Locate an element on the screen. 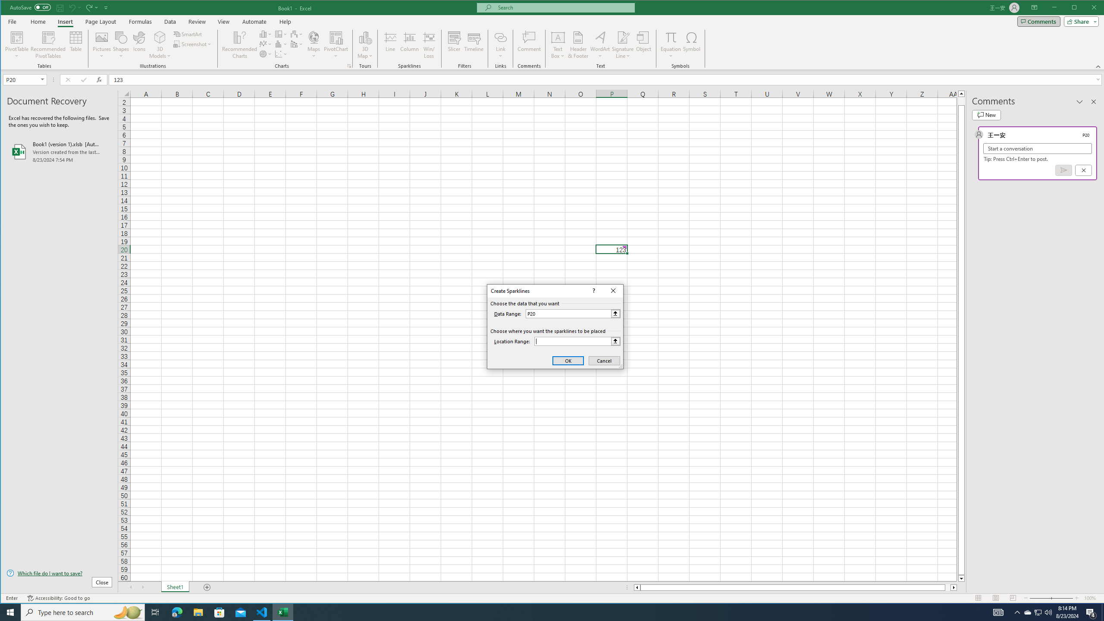  'Notification Chevron' is located at coordinates (1017, 612).